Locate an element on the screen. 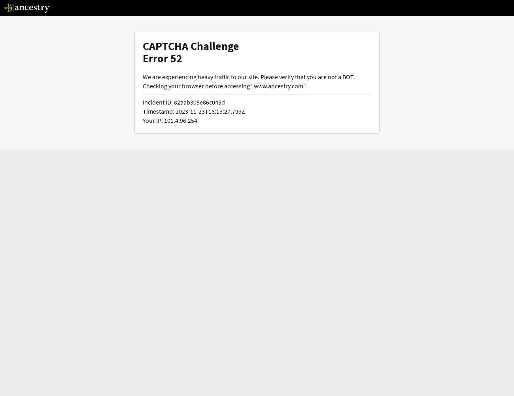  'Incident ID:' is located at coordinates (157, 102).